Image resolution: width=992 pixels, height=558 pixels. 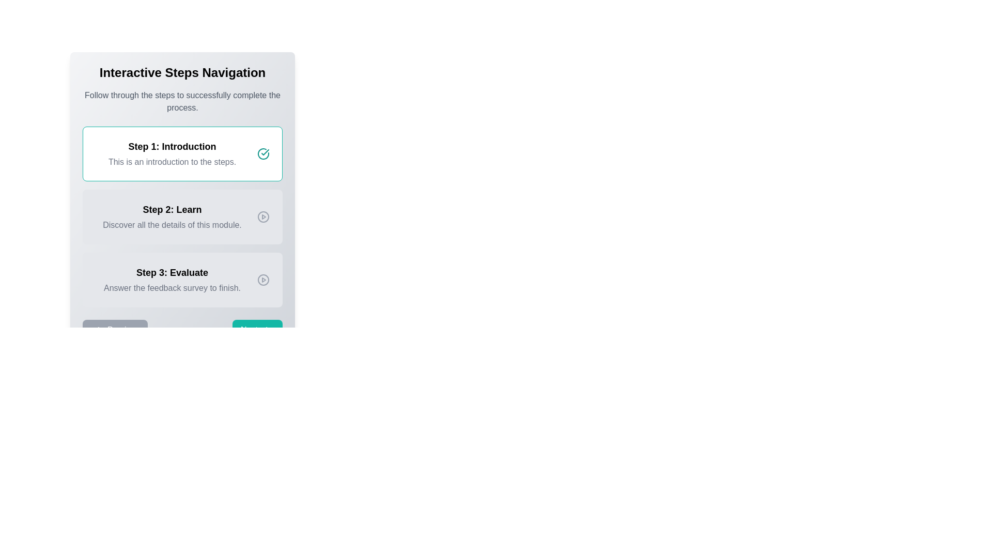 I want to click on the leftwards pointing chevron icon within the 'Previous' button located at the bottom-left part of the interface, so click(x=97, y=330).